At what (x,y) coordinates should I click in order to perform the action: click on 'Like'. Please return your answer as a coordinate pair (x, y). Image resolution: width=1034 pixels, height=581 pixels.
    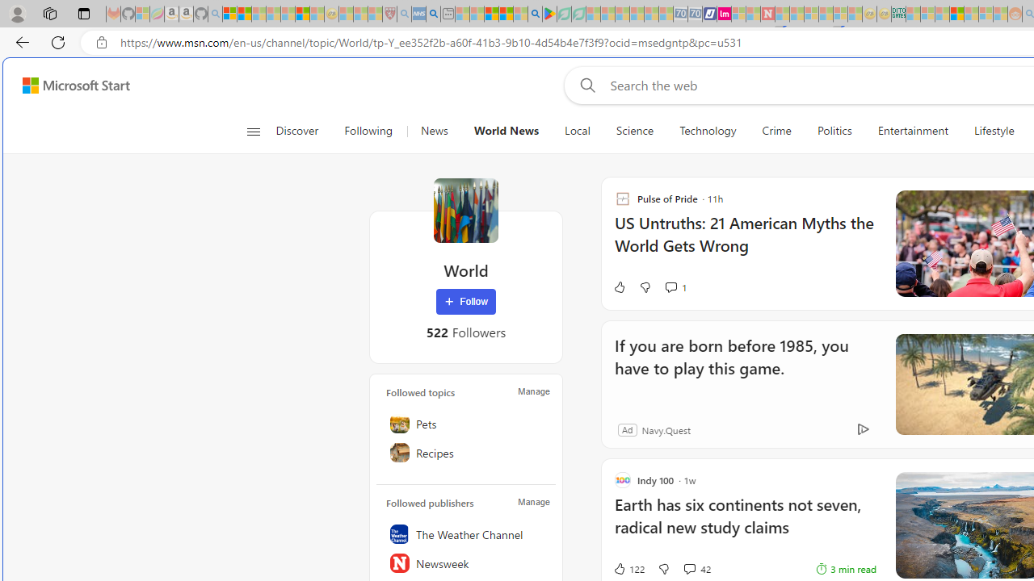
    Looking at the image, I should click on (618, 286).